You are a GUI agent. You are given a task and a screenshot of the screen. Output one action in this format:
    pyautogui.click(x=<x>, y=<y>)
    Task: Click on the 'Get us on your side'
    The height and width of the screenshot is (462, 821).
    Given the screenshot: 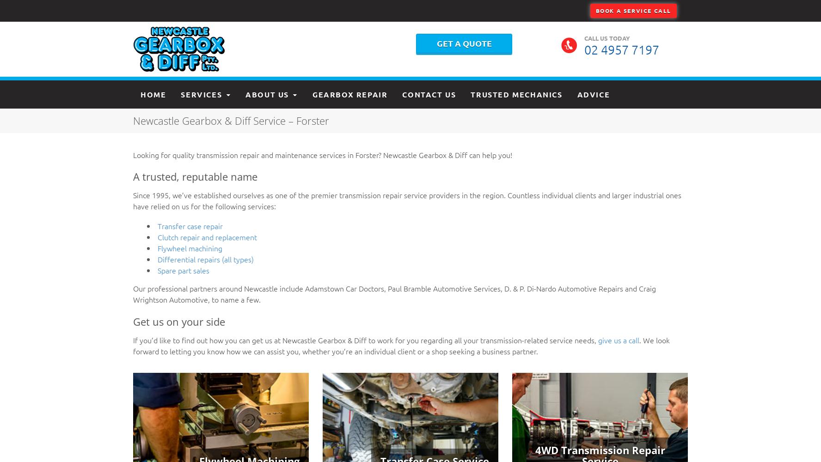 What is the action you would take?
    pyautogui.click(x=133, y=321)
    